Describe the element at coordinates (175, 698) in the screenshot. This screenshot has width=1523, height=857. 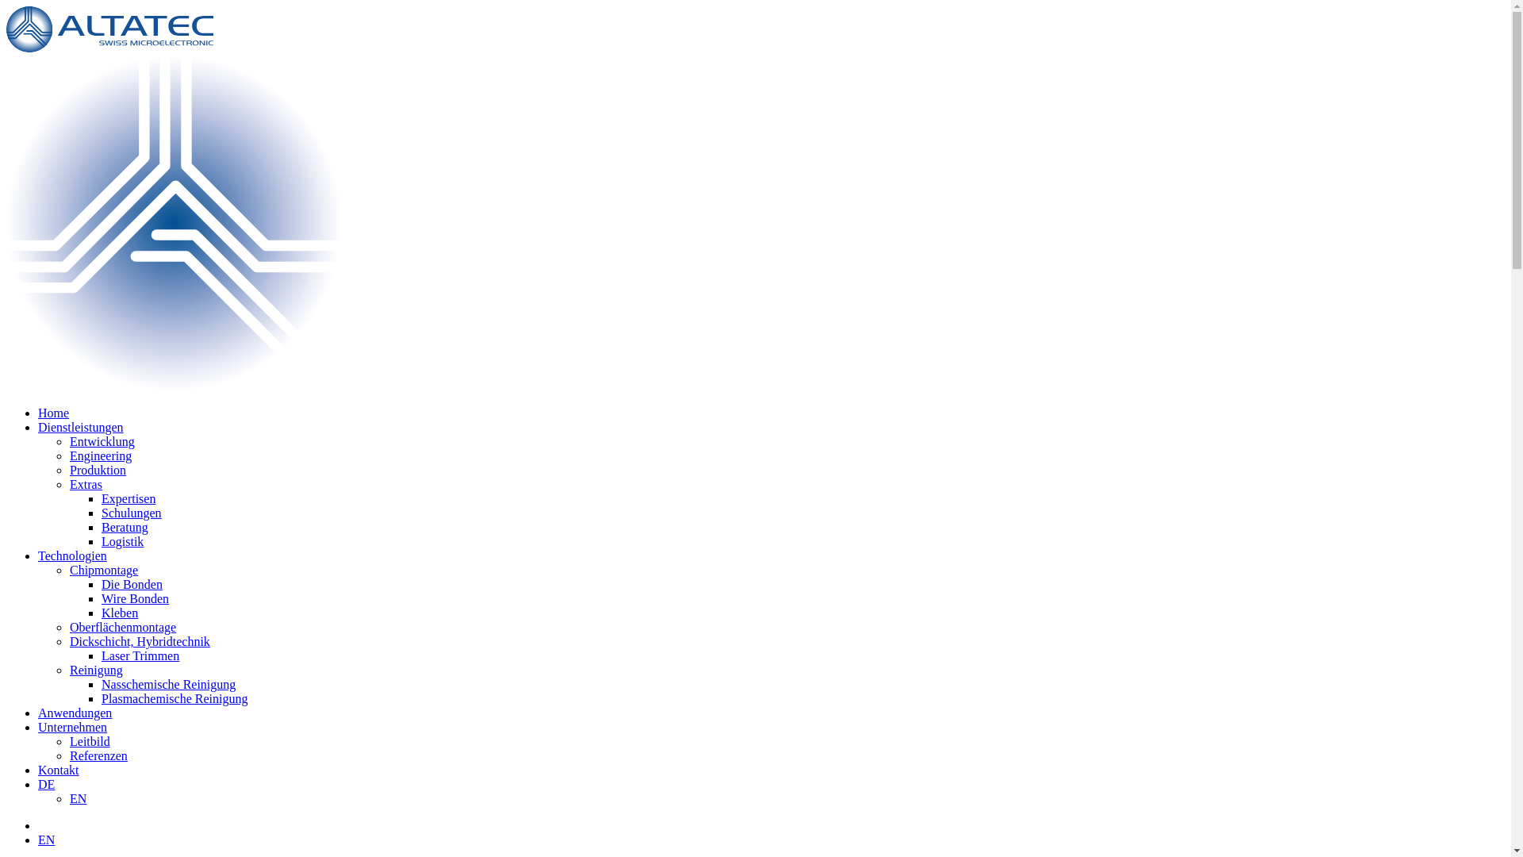
I see `'Plasmachemische Reinigung'` at that location.